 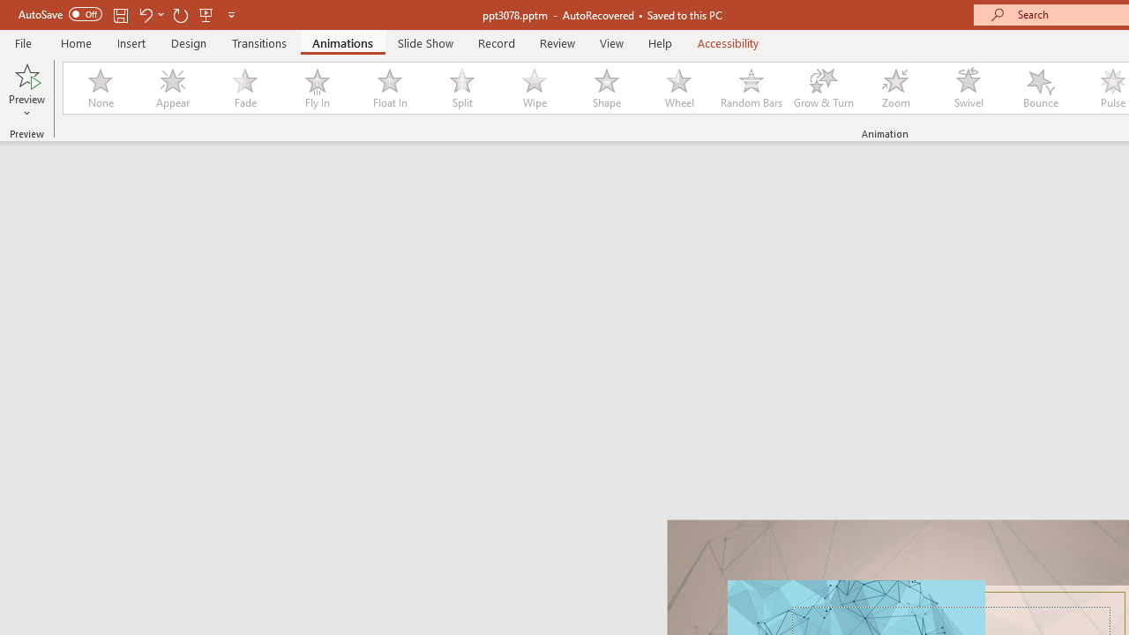 I want to click on 'Grow & Turn', so click(x=823, y=88).